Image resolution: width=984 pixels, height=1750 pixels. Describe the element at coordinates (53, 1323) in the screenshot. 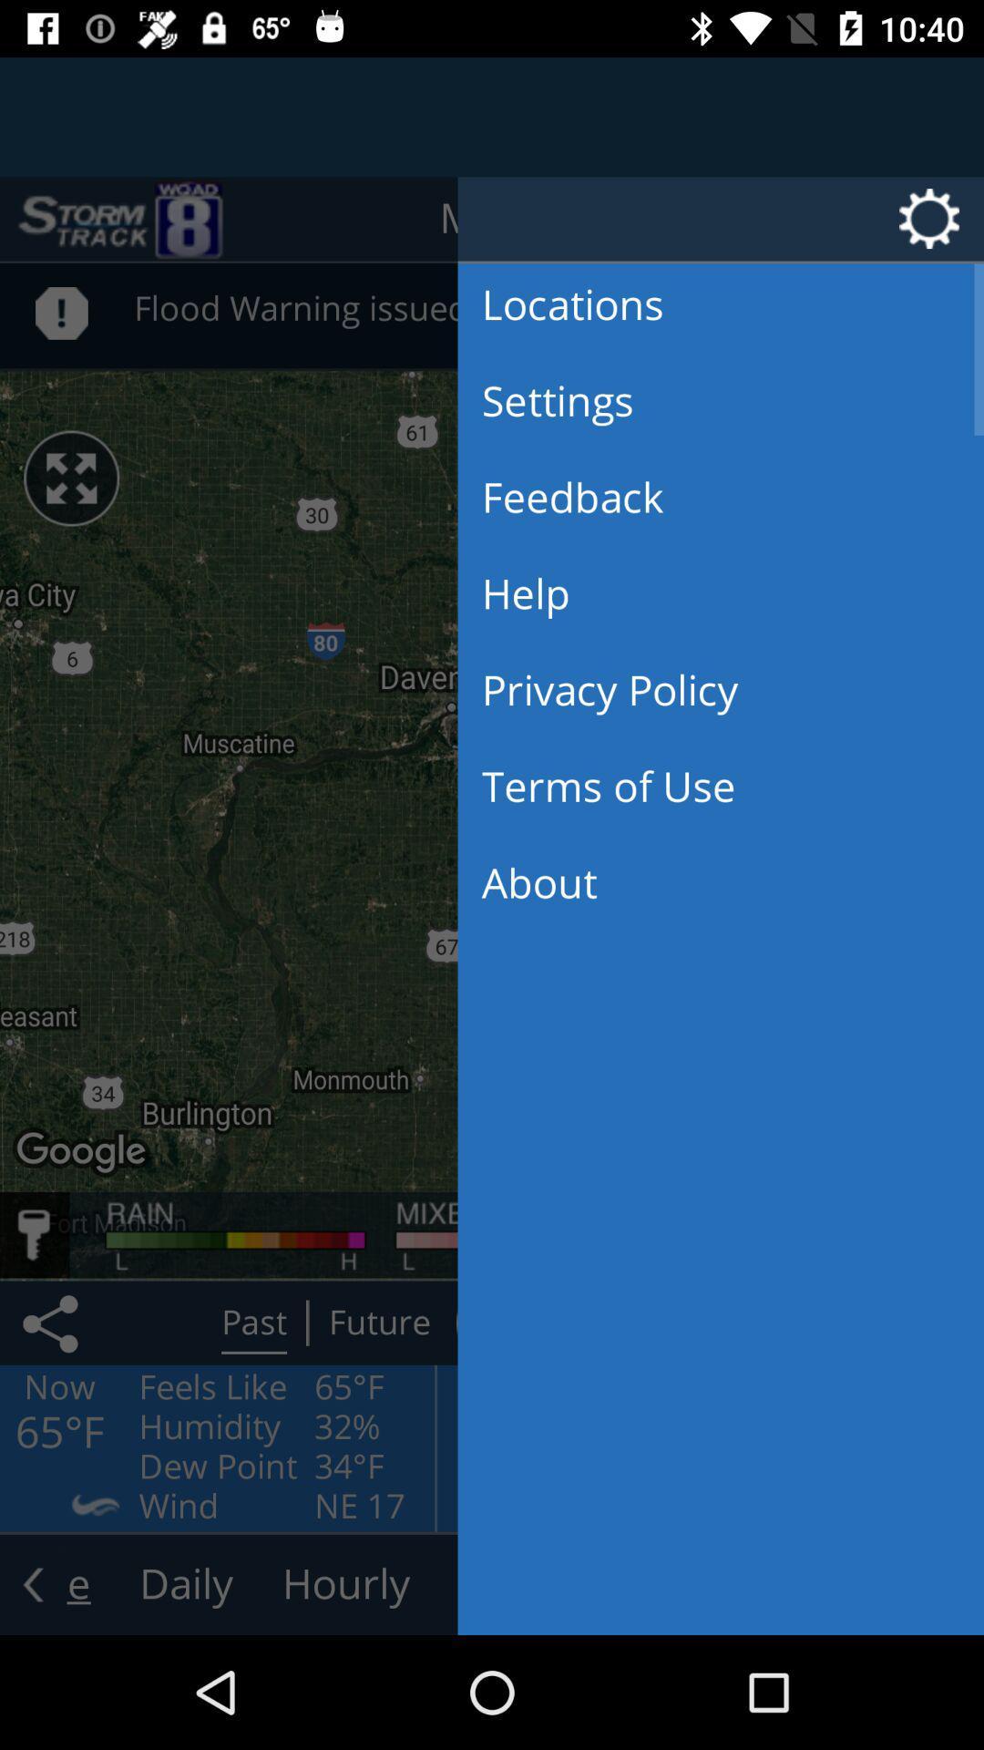

I see `the share icon` at that location.